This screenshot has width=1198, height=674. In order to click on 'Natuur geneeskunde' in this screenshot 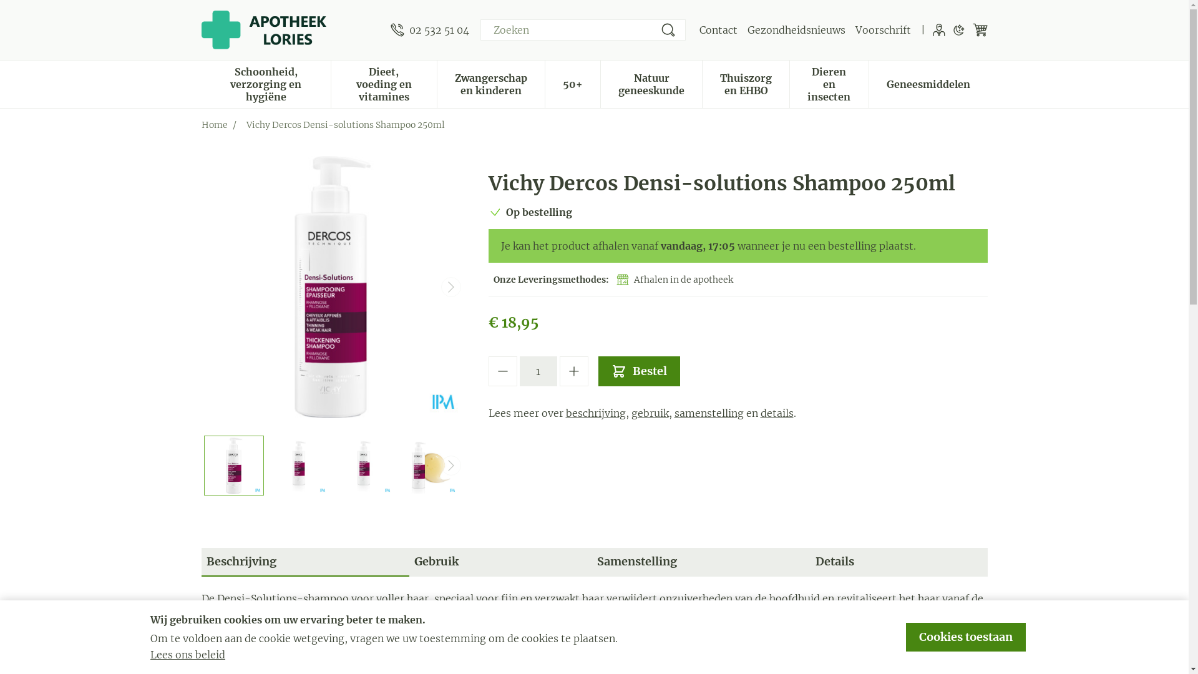, I will do `click(601, 82)`.